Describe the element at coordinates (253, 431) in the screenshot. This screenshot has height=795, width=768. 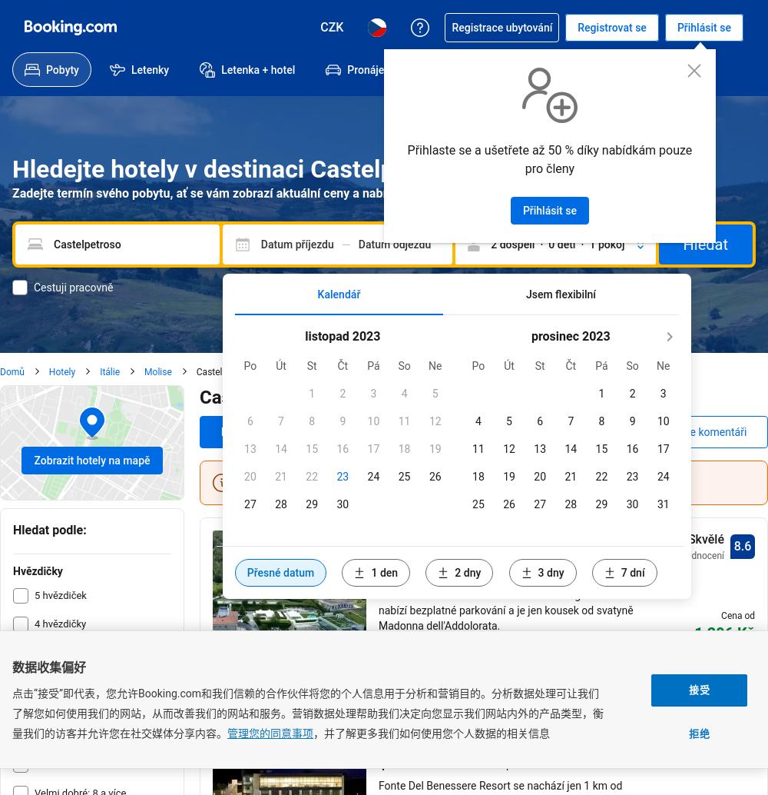
I see `'Náš top výběr'` at that location.